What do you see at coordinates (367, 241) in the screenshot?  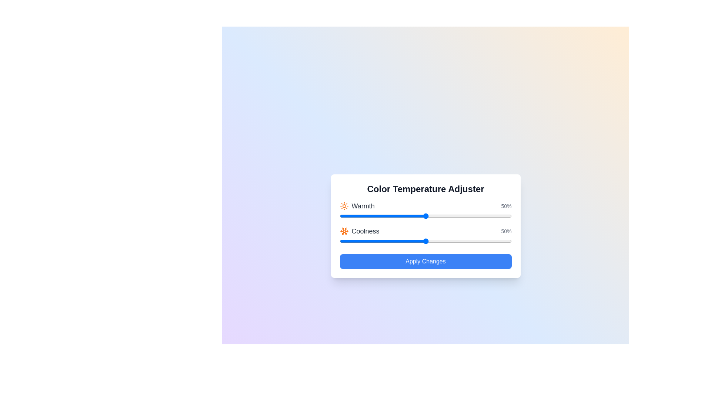 I see `the 'Coolness' slider to 16%` at bounding box center [367, 241].